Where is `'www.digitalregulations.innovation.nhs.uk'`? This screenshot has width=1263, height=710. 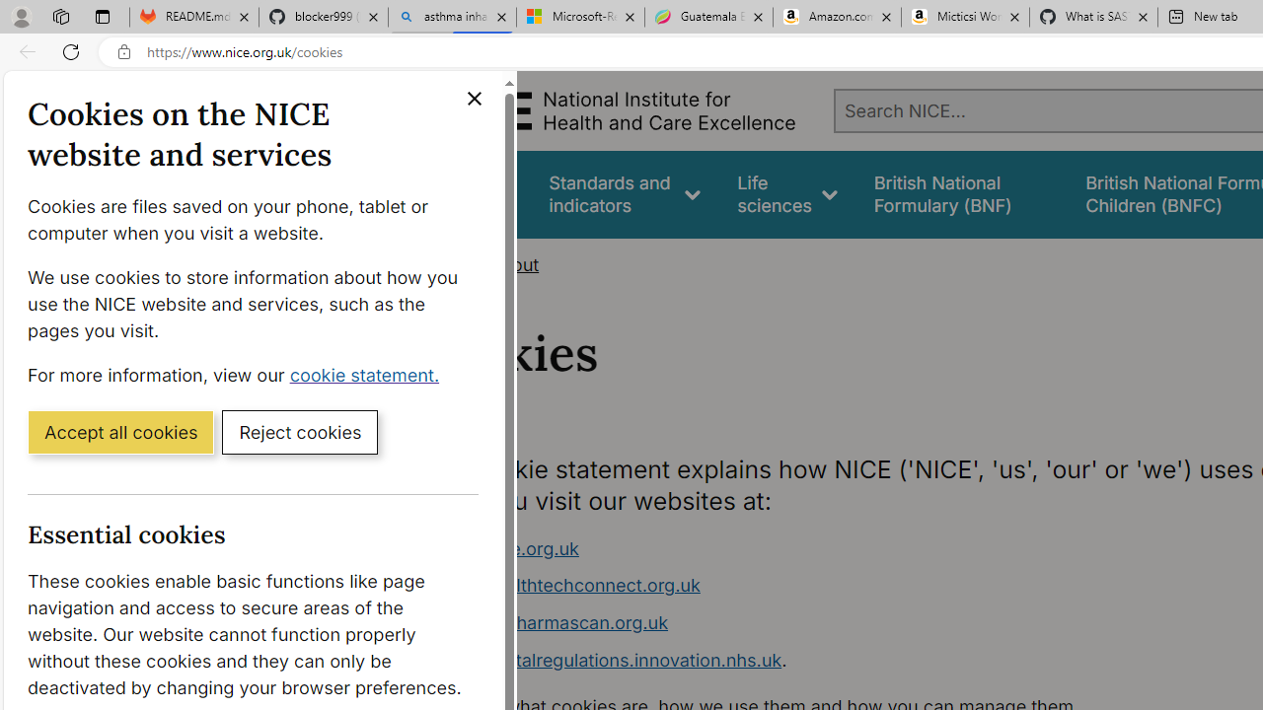
'www.digitalregulations.innovation.nhs.uk' is located at coordinates (609, 659).